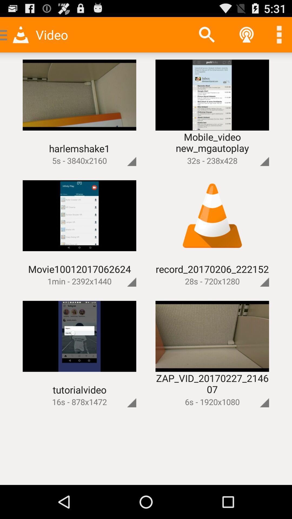  Describe the element at coordinates (122, 152) in the screenshot. I see `a select option` at that location.